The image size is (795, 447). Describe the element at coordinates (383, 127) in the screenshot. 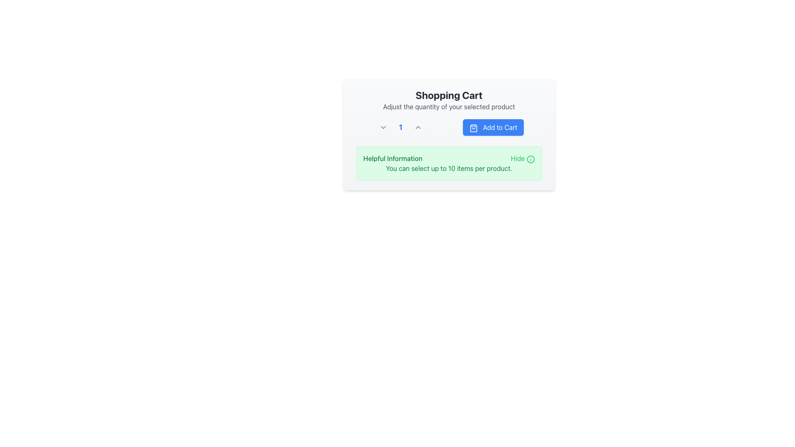

I see `the dropdown indicator icon located beneath the quantity input field, which serves as a visual indicator for the dropdown menu functionality` at that location.